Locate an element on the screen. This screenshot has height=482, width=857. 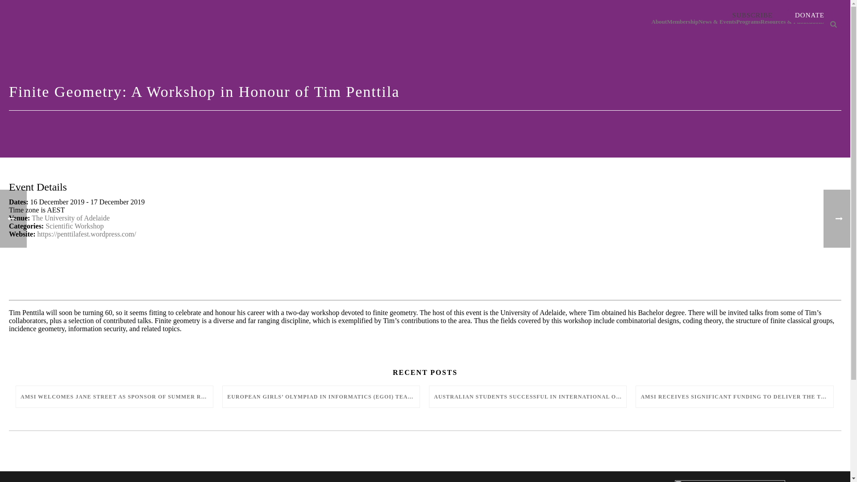
'Scientific Workshop' is located at coordinates (75, 225).